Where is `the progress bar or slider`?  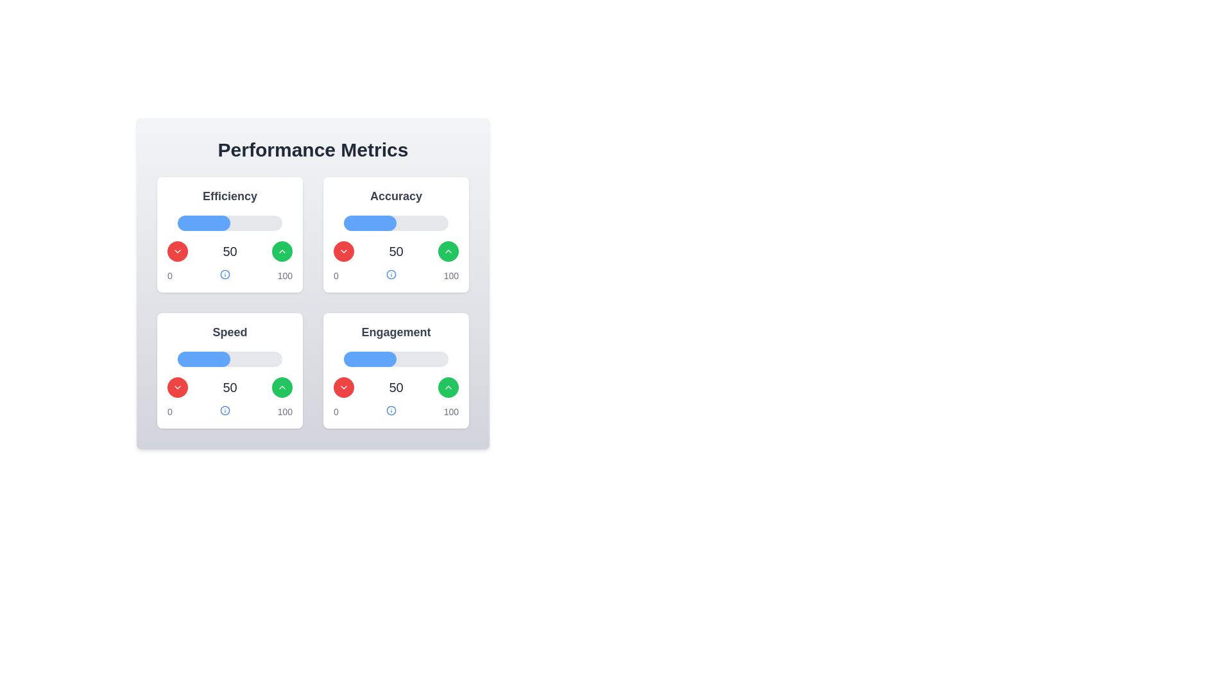 the progress bar or slider is located at coordinates (189, 359).